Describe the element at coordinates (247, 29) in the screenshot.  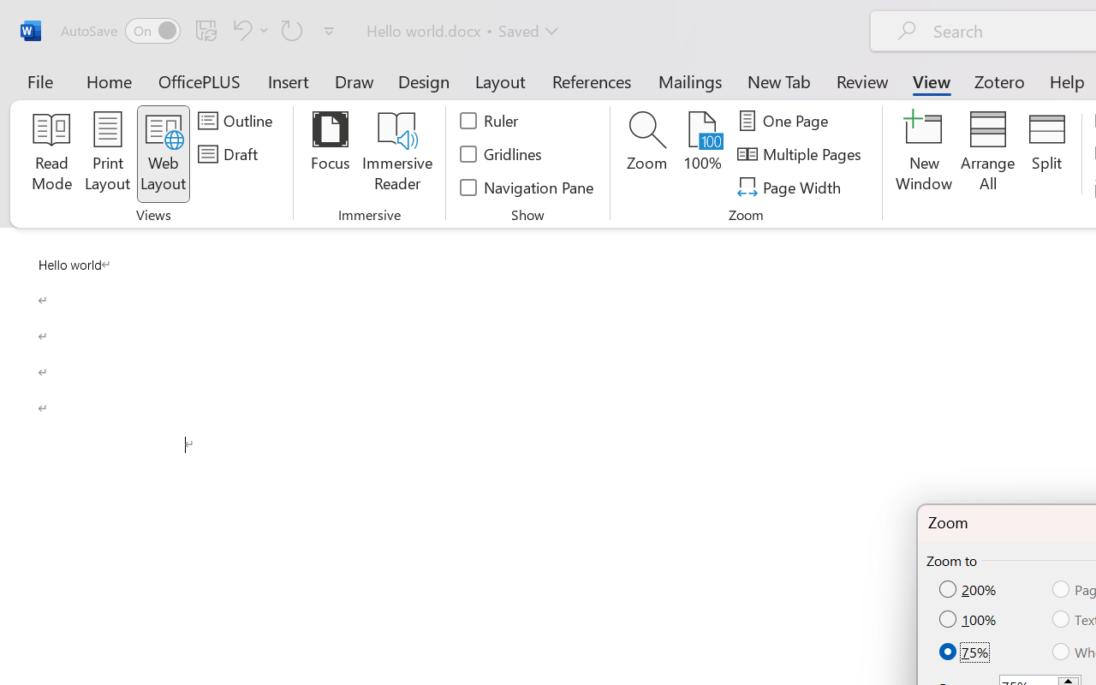
I see `'Undo Paragraph Formatting'` at that location.